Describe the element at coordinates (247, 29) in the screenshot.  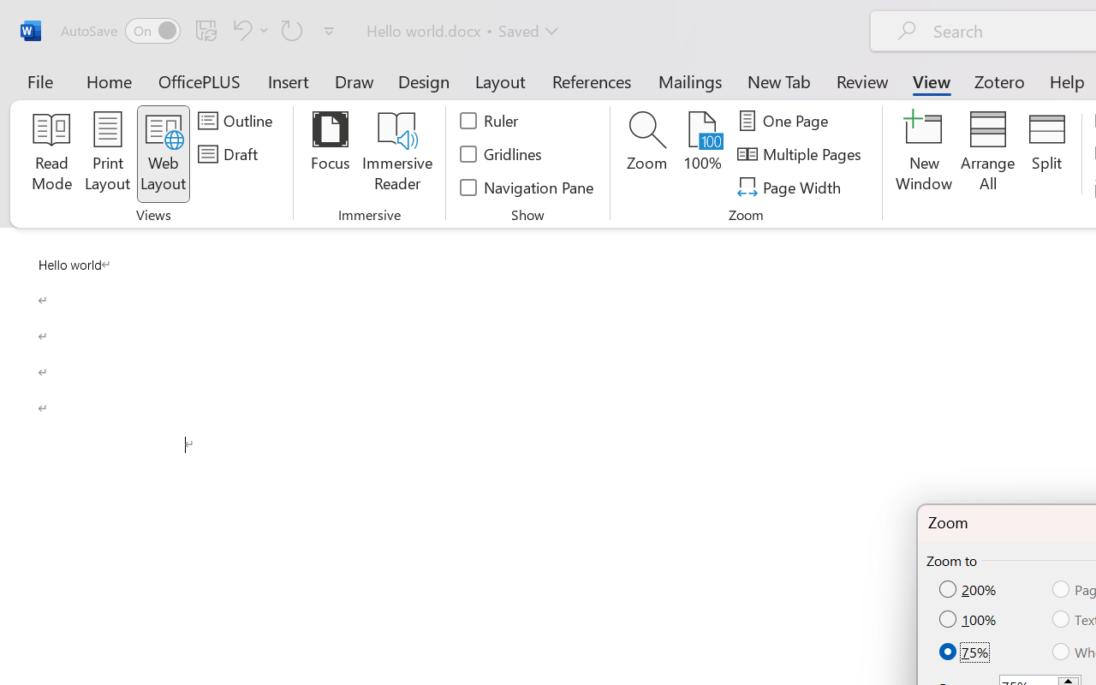
I see `'Undo Paragraph Formatting'` at that location.